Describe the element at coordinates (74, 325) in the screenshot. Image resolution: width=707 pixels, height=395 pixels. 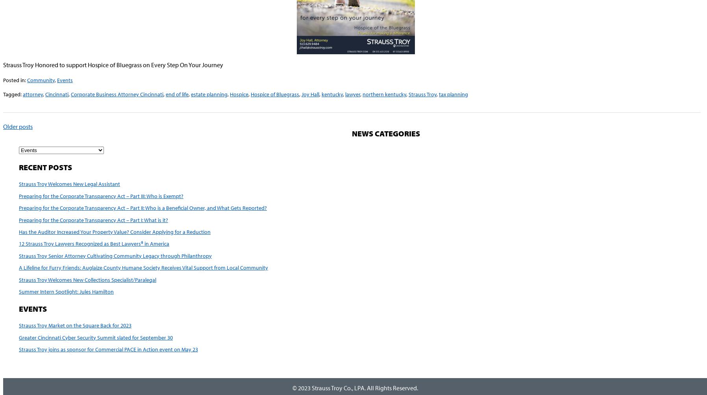
I see `'Strauss Troy Market on the Square Back for 2023'` at that location.